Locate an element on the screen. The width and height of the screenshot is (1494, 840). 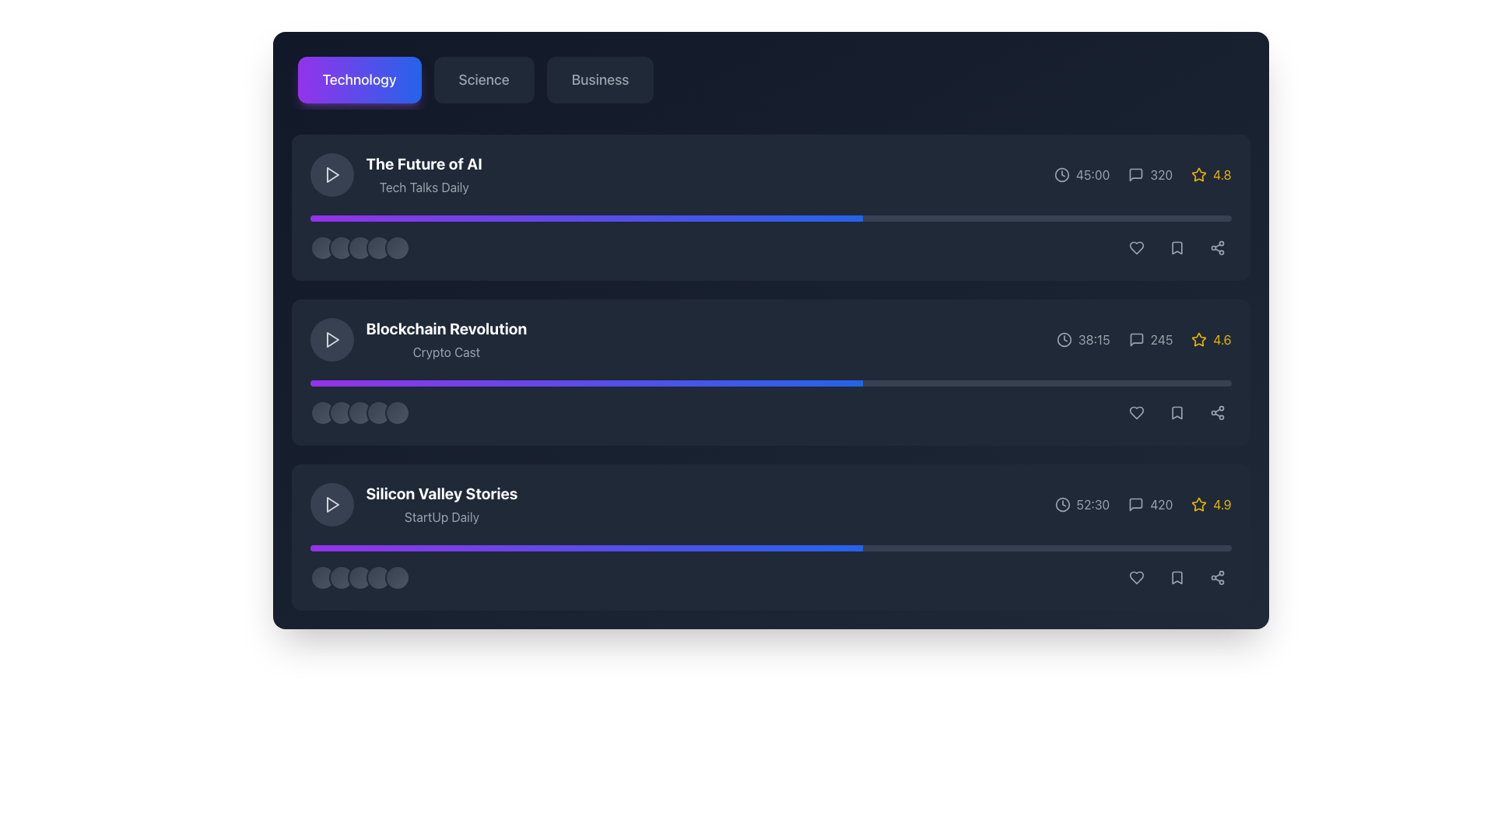
the comment option icon, which is a speech bubble shape inside a square frame, located to the right of the content titled 'The Future of AI.' is located at coordinates (1136, 174).